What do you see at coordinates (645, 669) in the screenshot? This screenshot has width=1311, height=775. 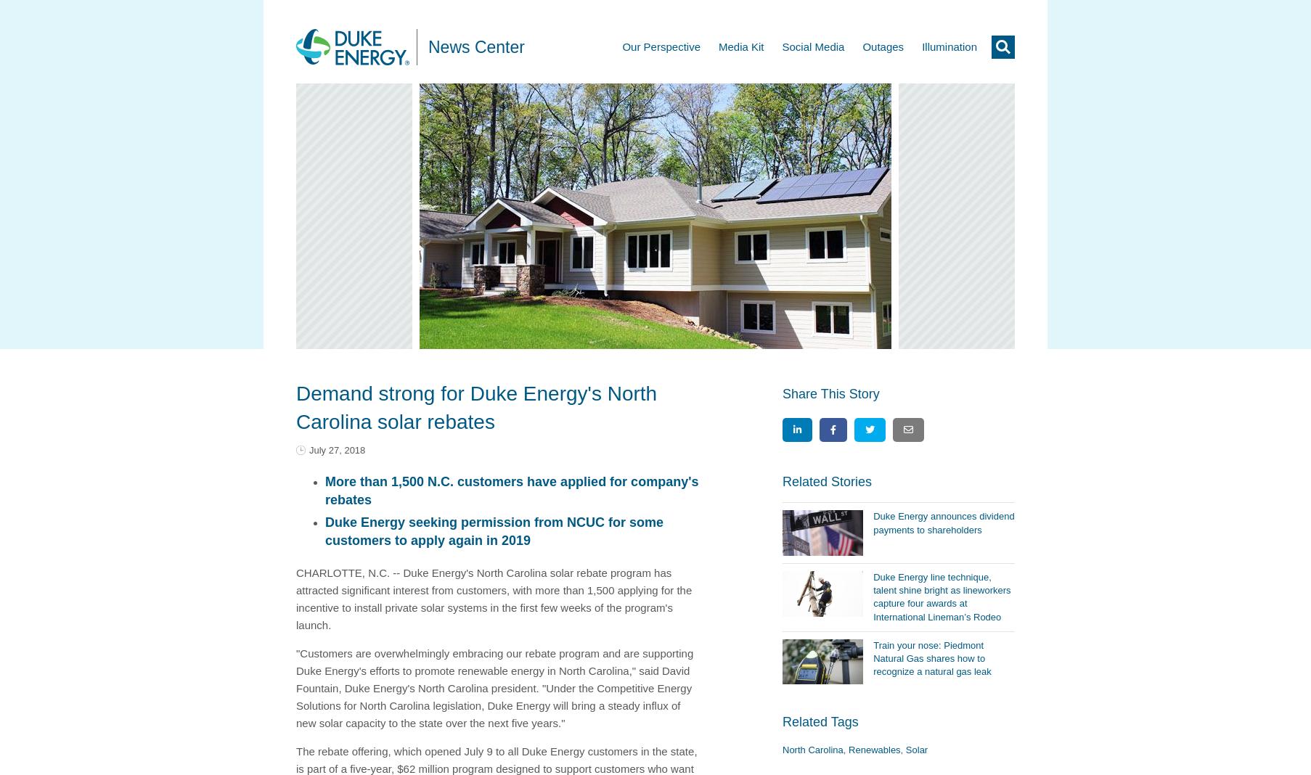 I see `'," said'` at bounding box center [645, 669].